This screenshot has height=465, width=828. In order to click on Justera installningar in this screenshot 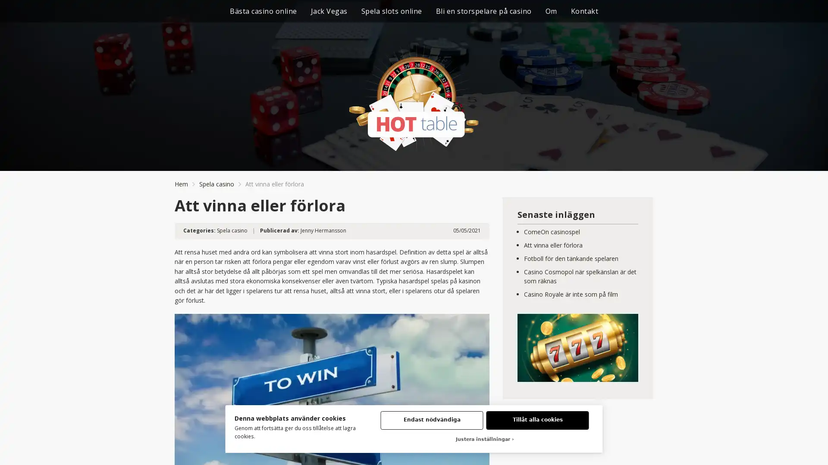, I will do `click(484, 440)`.